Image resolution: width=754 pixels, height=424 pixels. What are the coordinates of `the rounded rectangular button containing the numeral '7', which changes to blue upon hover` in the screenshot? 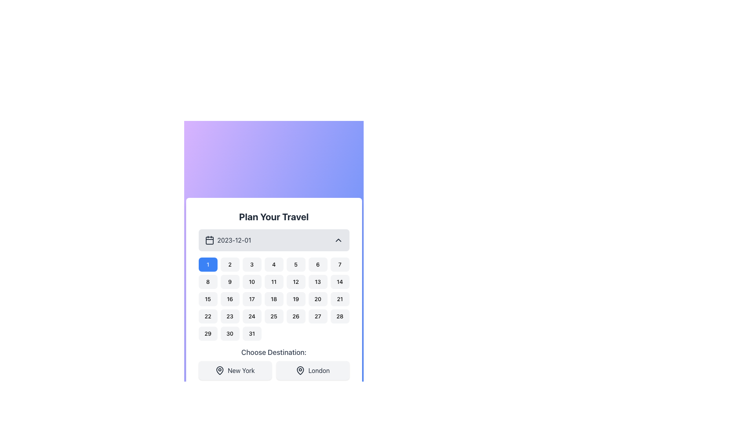 It's located at (340, 265).